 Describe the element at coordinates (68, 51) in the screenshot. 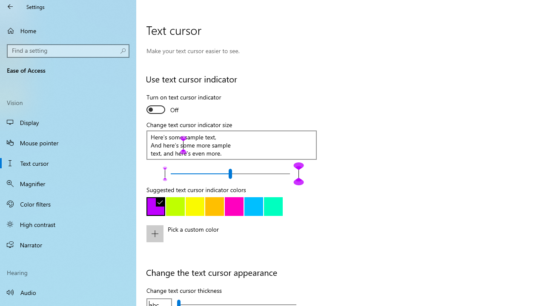

I see `'Search box, Find a setting'` at that location.